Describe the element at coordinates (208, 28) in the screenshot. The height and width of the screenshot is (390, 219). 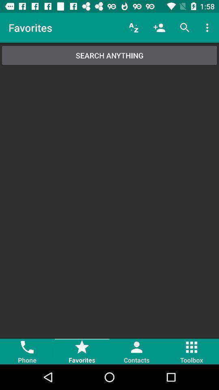
I see `the icon above search anything` at that location.